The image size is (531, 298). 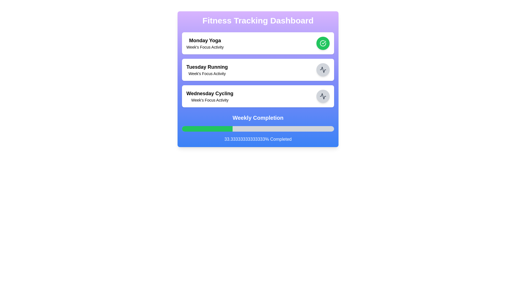 What do you see at coordinates (207, 70) in the screenshot?
I see `the 'Tuesday Running' text label, which is the second element in a vertical list, positioned under 'Monday Yoga' and above 'Wednesday Cycling'` at bounding box center [207, 70].